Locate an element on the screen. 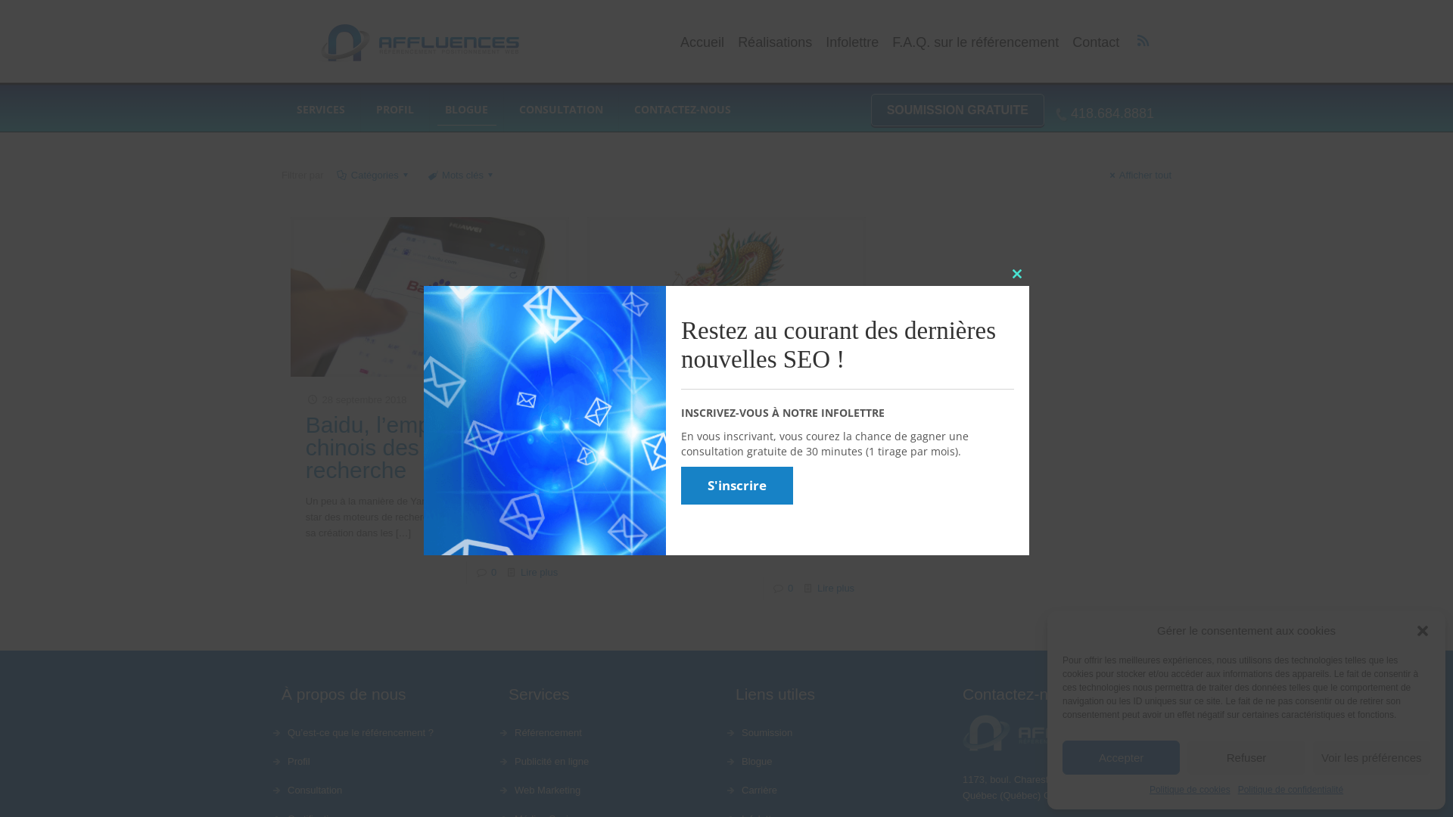  'S'inscrire' is located at coordinates (737, 485).